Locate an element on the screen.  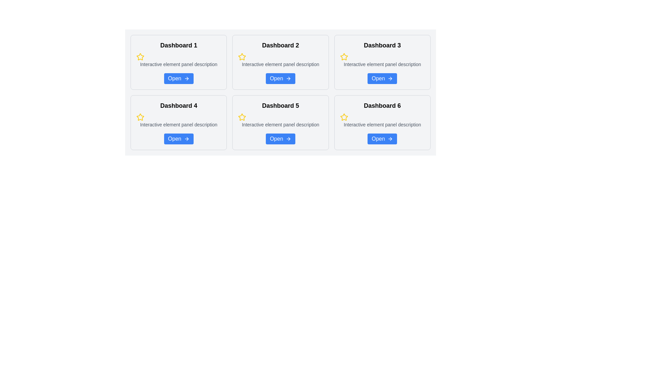
the right-pointing arrow icon inside the 'Open' button of the 'Dashboard 5' card, located in the bottom row and middle column of the layout is located at coordinates (289, 138).